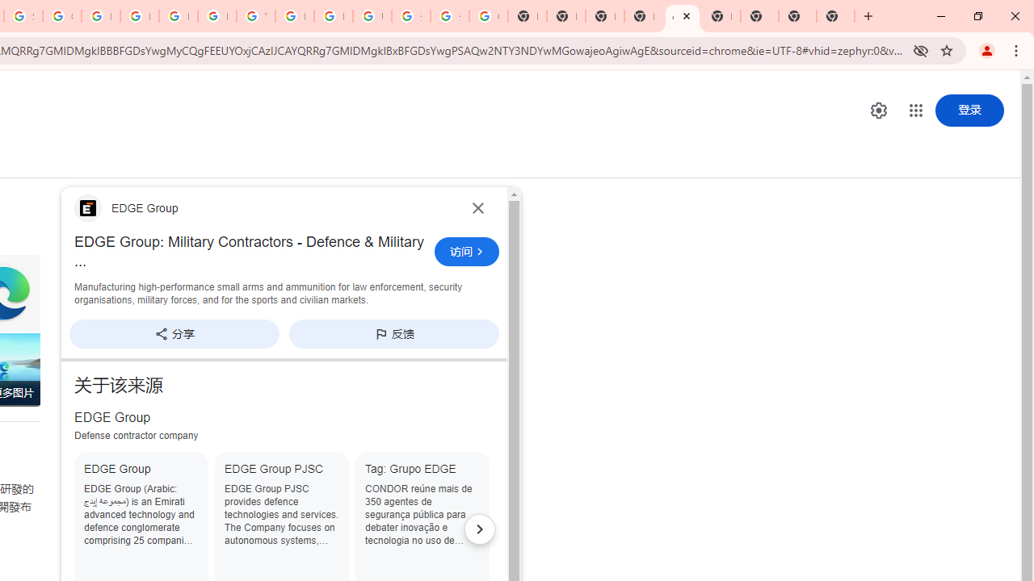 The image size is (1034, 581). Describe the element at coordinates (249, 252) in the screenshot. I see `'EDGE Group: Military Contractors - Defence & Military ...'` at that location.